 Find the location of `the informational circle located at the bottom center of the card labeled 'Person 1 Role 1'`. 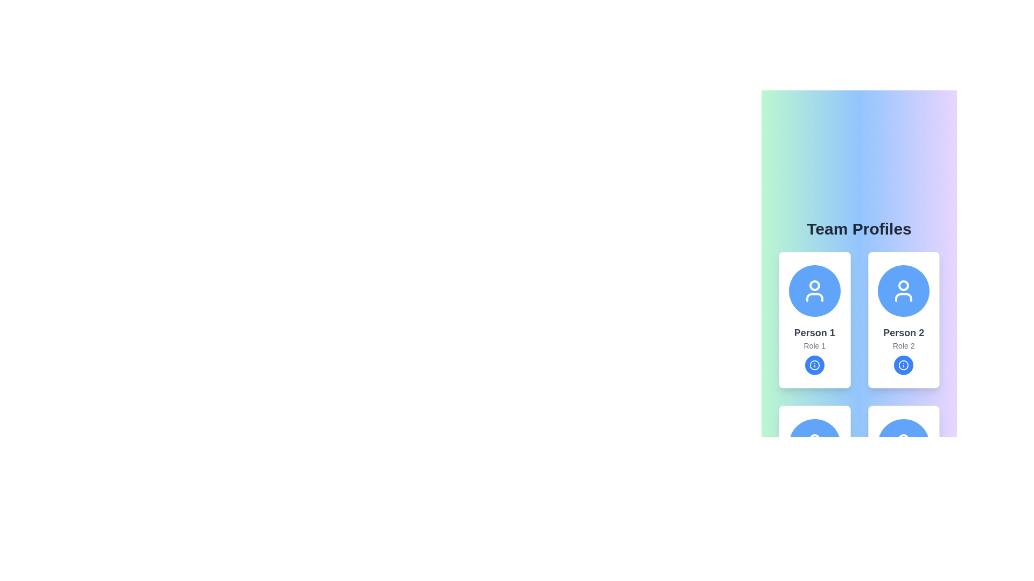

the informational circle located at the bottom center of the card labeled 'Person 1 Role 1' is located at coordinates (814, 364).